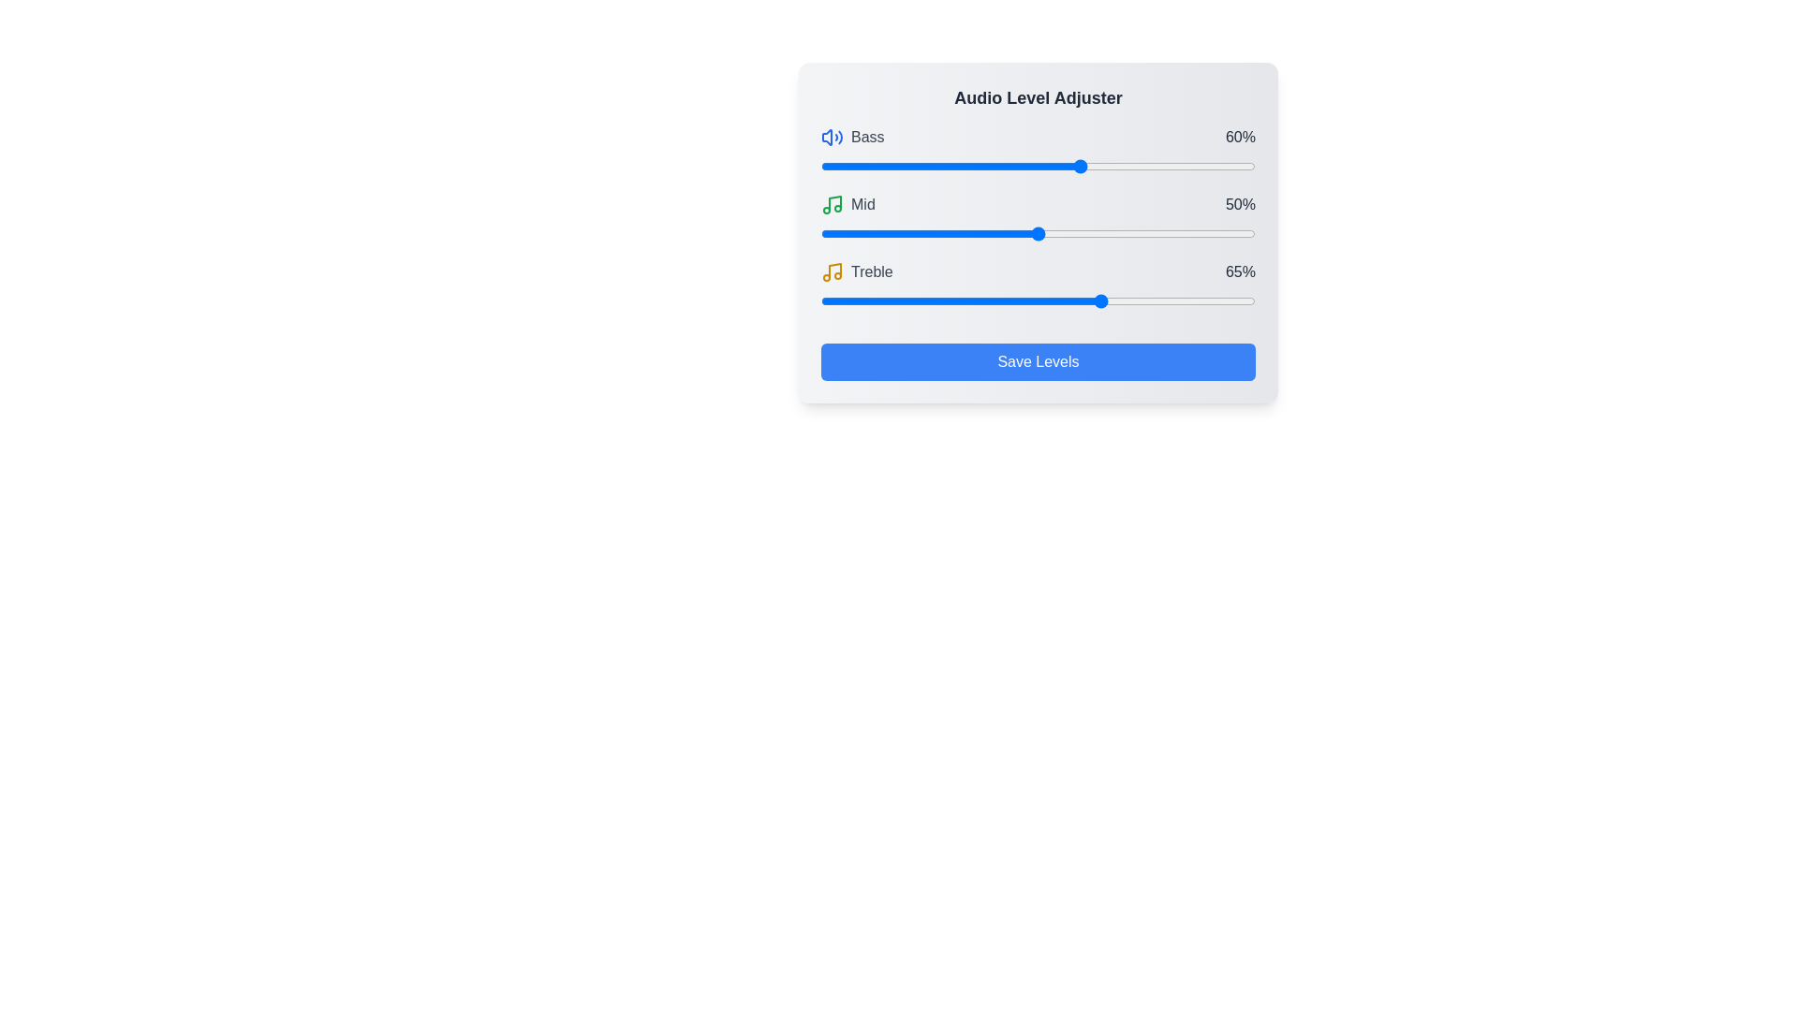 This screenshot has height=1011, width=1798. I want to click on the 'Bass' adjustment label, which is located in the top-left section of the audio adjustment interface, next to a blue sound icon, so click(866, 136).